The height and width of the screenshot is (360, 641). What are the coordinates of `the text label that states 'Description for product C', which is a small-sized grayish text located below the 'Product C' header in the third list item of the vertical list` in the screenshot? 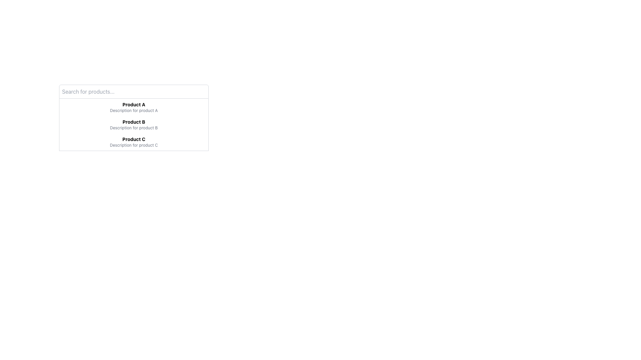 It's located at (134, 145).